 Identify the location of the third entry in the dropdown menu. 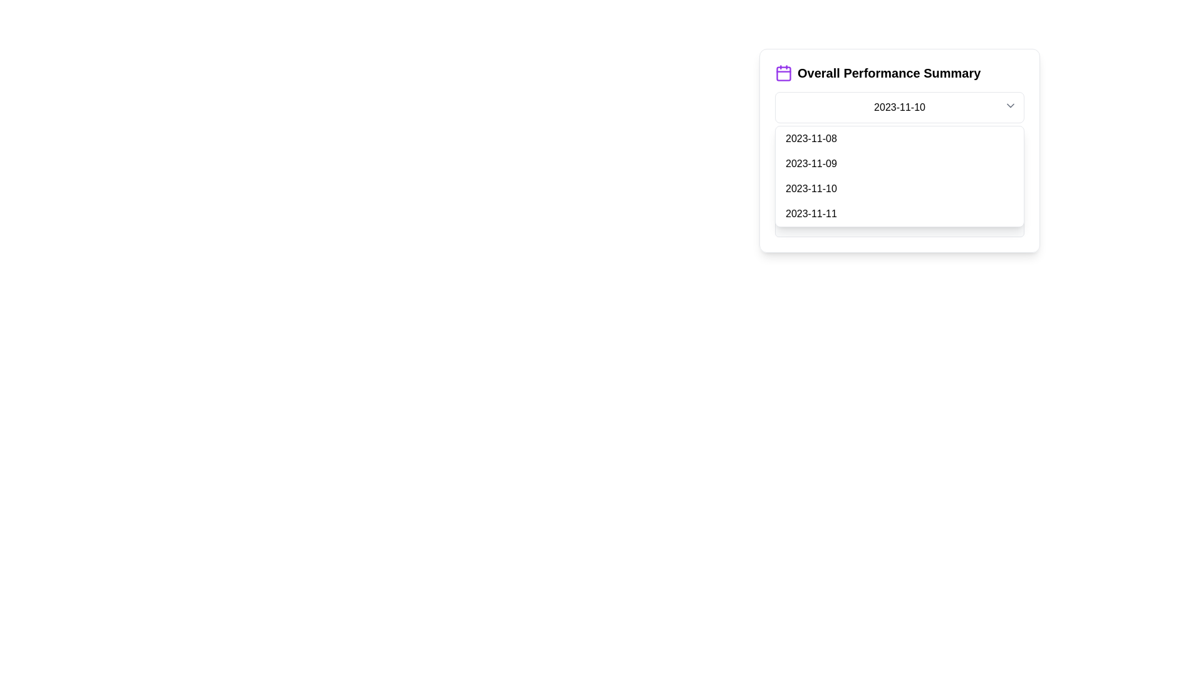
(898, 188).